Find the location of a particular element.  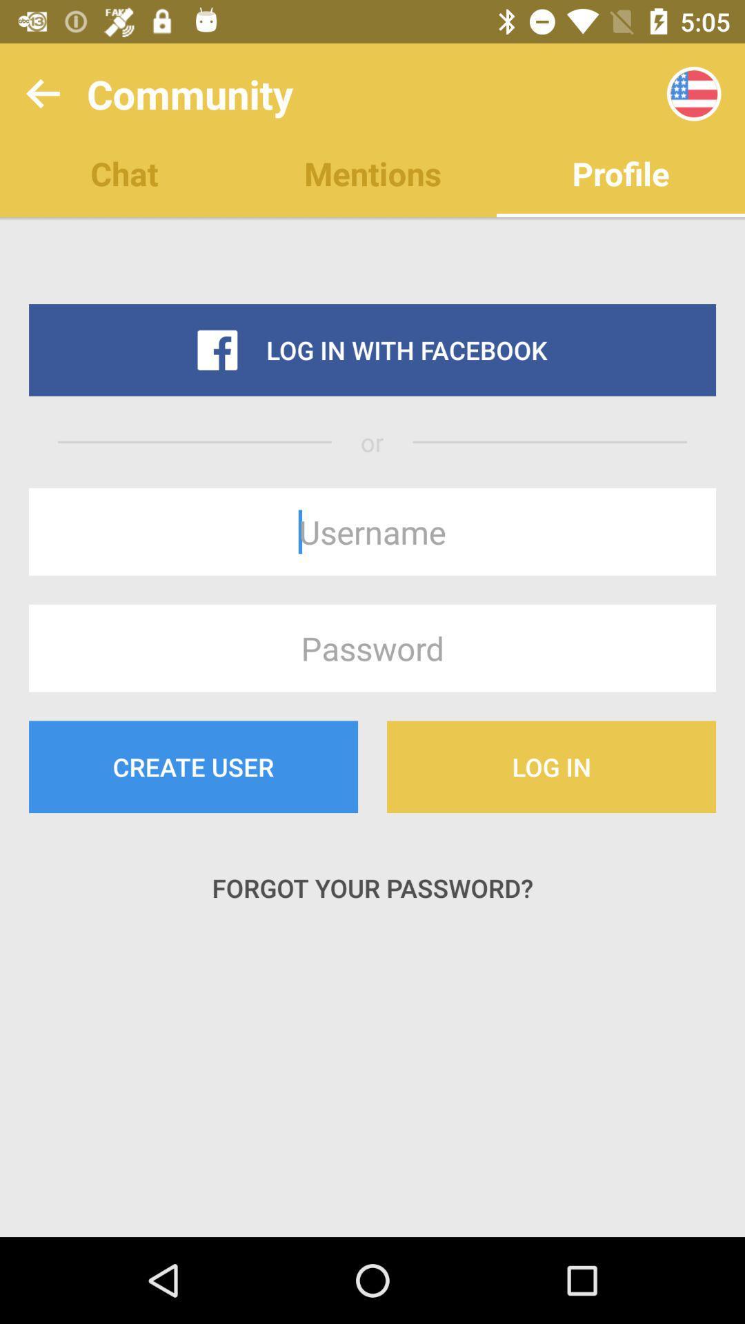

the item below or icon is located at coordinates (372, 531).